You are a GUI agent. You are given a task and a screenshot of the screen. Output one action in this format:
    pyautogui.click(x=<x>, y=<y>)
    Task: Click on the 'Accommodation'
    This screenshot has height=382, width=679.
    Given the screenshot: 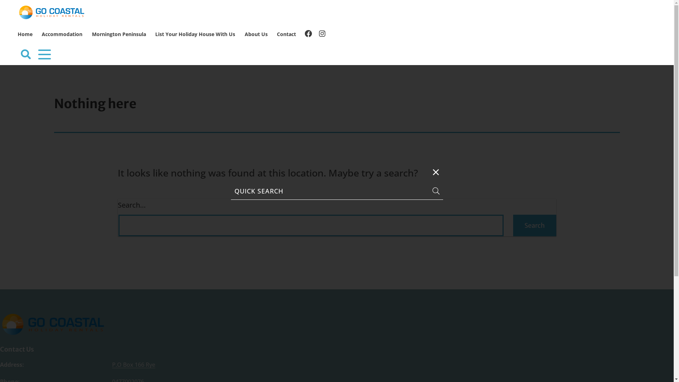 What is the action you would take?
    pyautogui.click(x=62, y=34)
    